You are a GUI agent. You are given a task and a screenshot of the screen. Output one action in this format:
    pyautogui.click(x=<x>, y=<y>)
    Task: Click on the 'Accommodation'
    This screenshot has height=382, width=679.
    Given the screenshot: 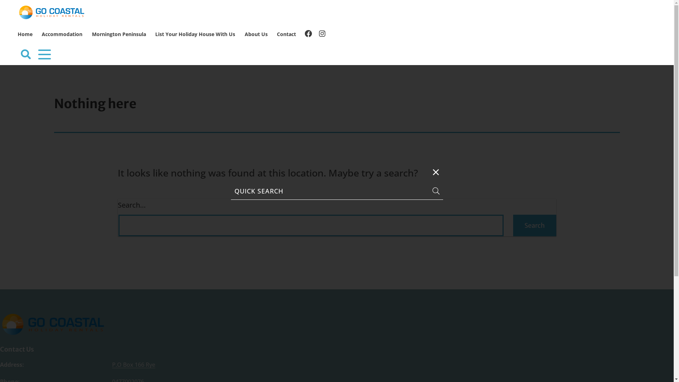 What is the action you would take?
    pyautogui.click(x=62, y=34)
    